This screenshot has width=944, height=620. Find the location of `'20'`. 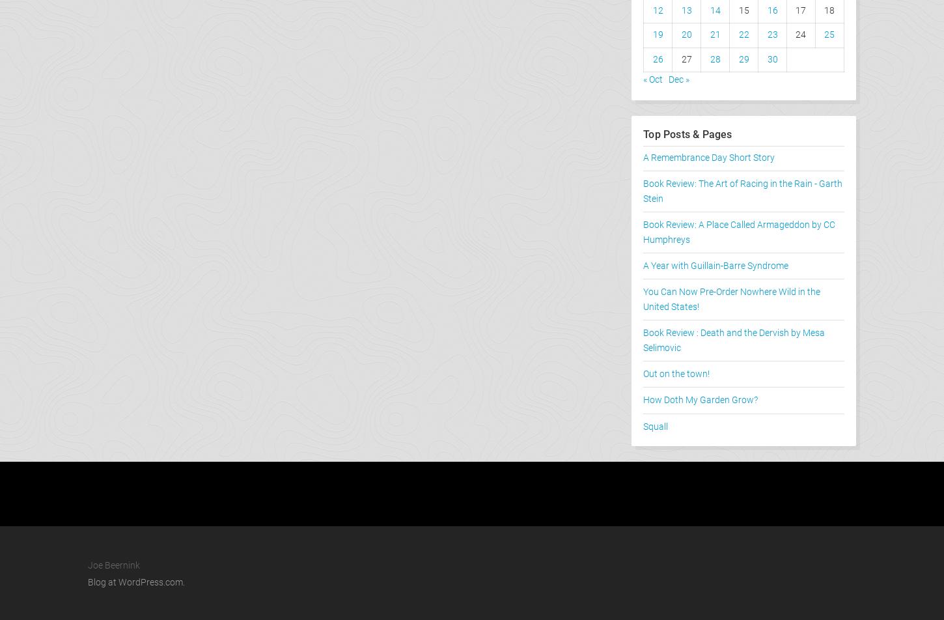

'20' is located at coordinates (686, 35).